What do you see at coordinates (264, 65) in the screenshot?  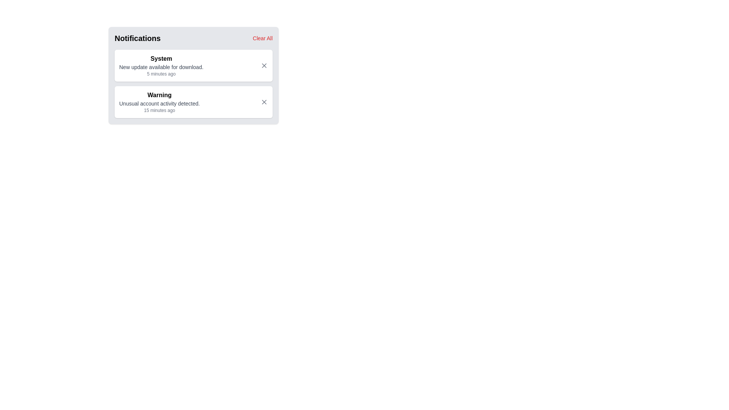 I see `the bold 'X' button located in the top-right corner of the 'System' notification card to change its color` at bounding box center [264, 65].